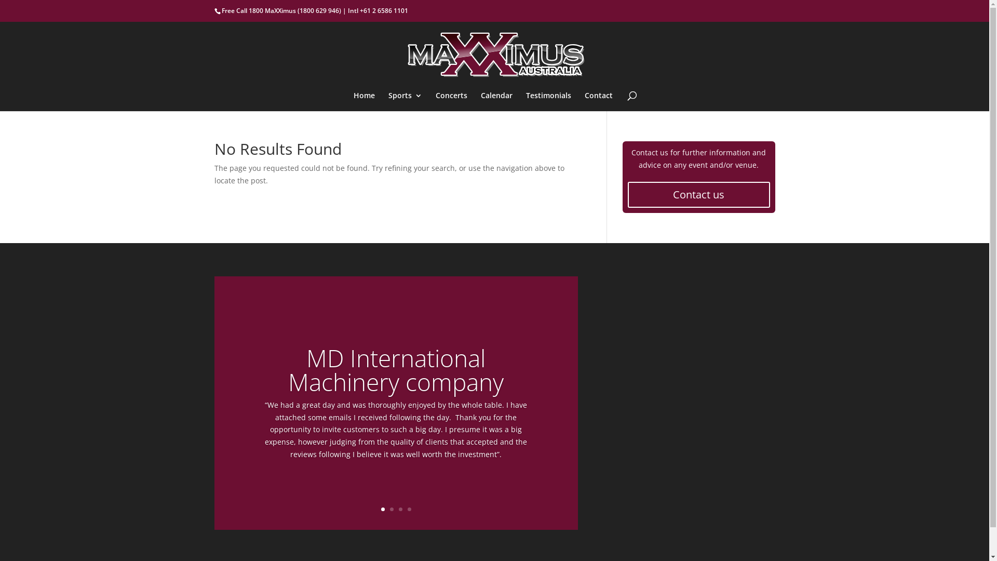 The height and width of the screenshot is (561, 997). Describe the element at coordinates (364, 101) in the screenshot. I see `'Home'` at that location.